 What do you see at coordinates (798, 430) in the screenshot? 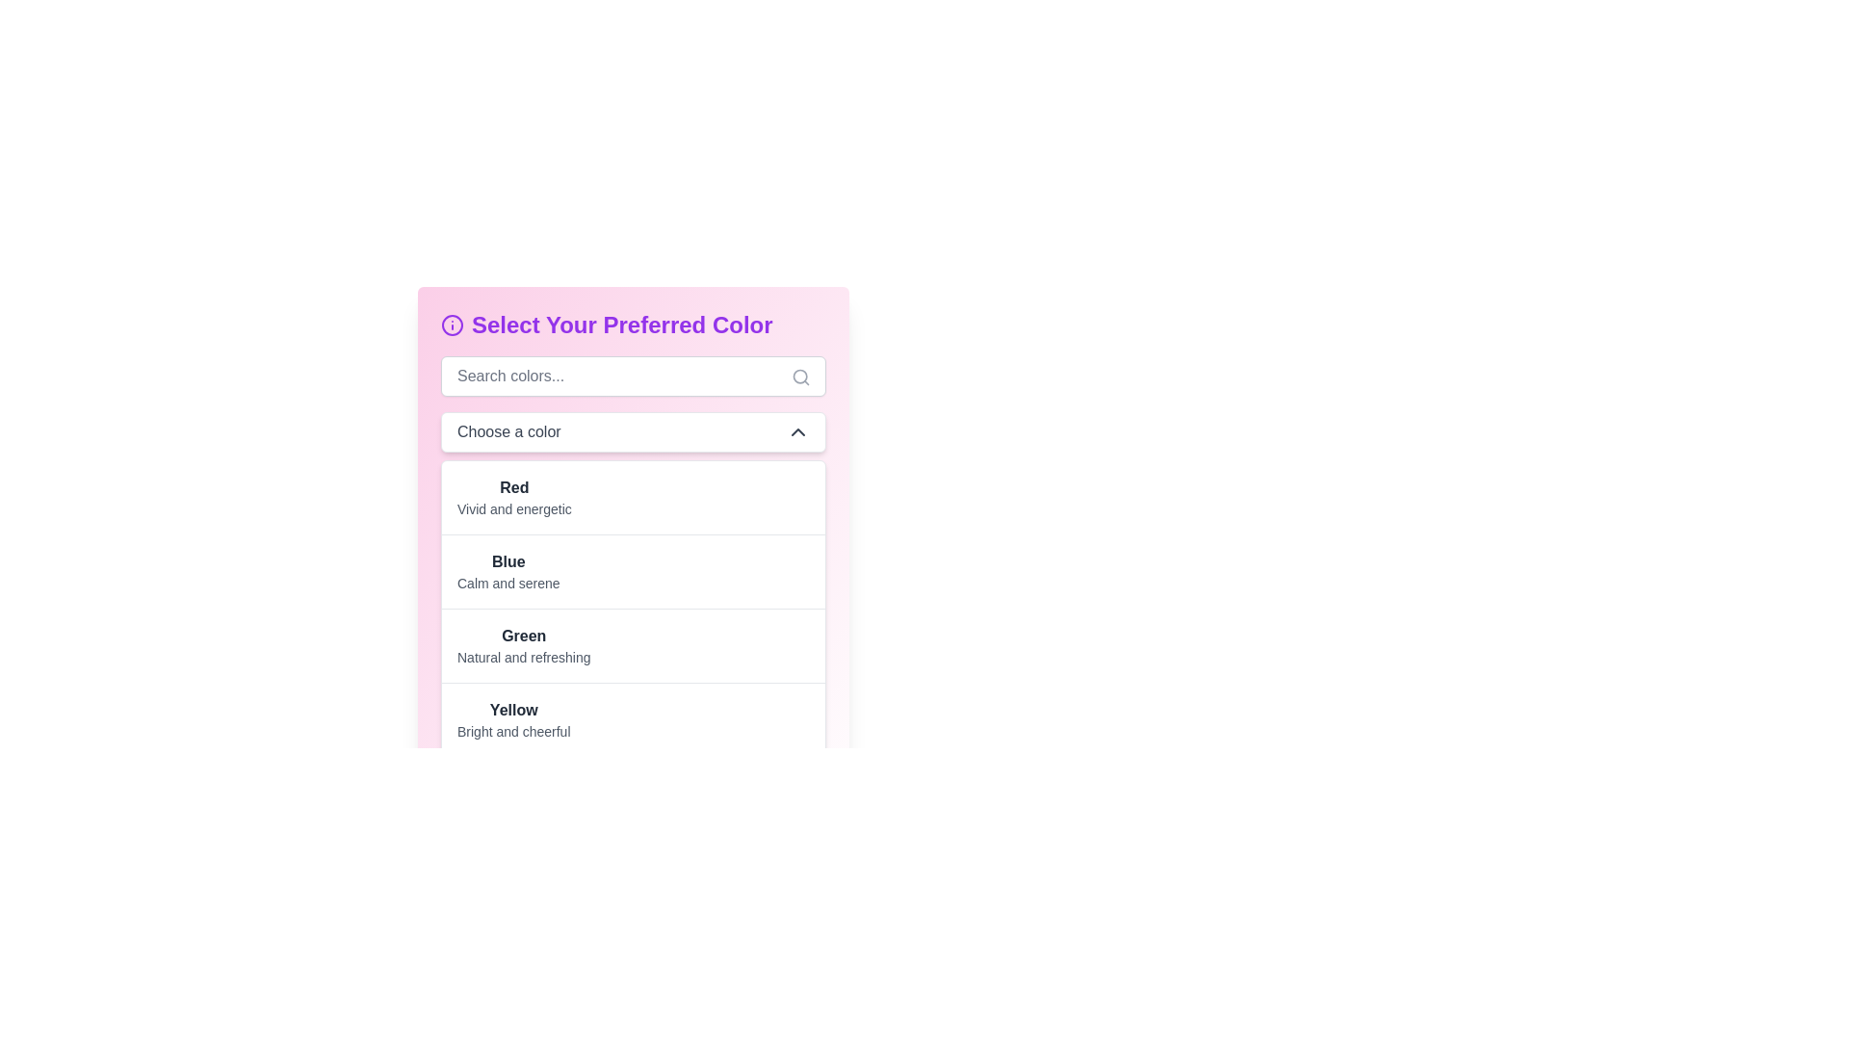
I see `the chevron icon located to the right of the text 'Choose a color'` at bounding box center [798, 430].